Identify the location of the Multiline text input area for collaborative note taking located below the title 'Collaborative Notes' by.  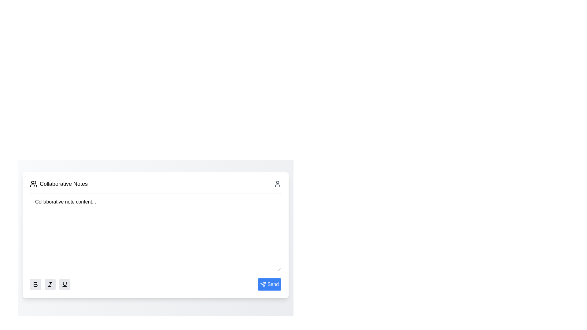
(155, 232).